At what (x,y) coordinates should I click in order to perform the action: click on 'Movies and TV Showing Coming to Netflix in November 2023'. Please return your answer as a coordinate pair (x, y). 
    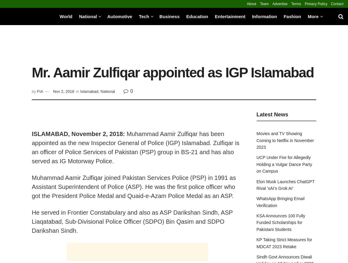
    Looking at the image, I should click on (285, 140).